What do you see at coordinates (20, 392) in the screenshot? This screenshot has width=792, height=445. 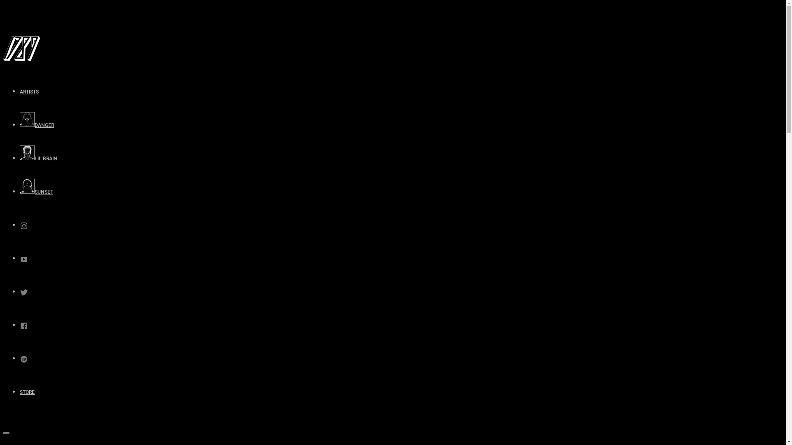 I see `'STORE'` at bounding box center [20, 392].